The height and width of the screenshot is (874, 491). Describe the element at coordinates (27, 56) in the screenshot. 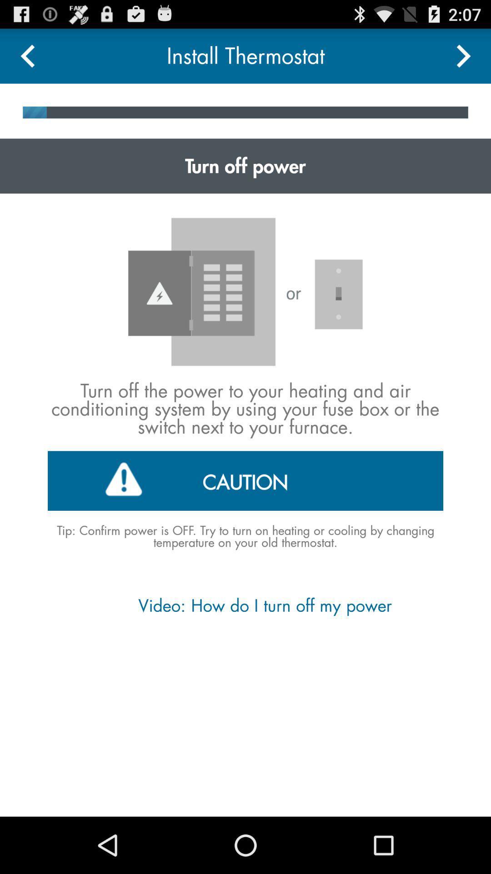

I see `go back` at that location.